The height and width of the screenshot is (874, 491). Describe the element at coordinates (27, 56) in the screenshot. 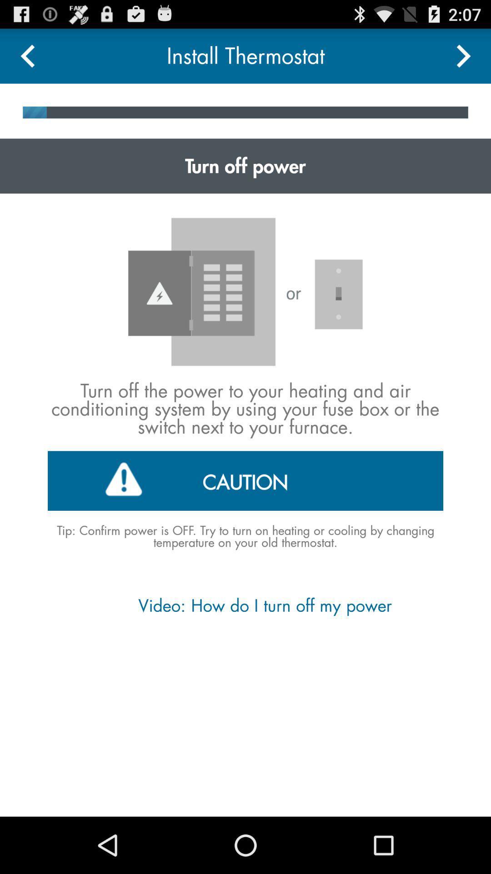

I see `go back` at that location.